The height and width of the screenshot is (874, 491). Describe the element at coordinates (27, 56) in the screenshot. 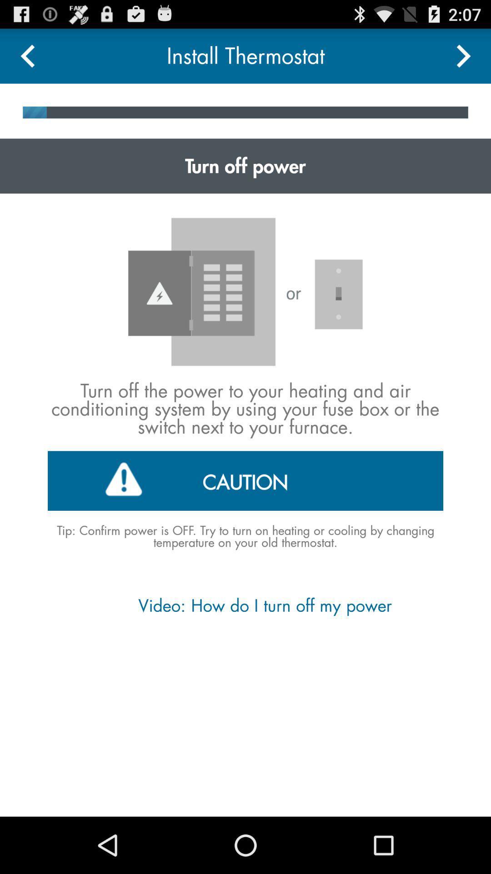

I see `go back` at that location.